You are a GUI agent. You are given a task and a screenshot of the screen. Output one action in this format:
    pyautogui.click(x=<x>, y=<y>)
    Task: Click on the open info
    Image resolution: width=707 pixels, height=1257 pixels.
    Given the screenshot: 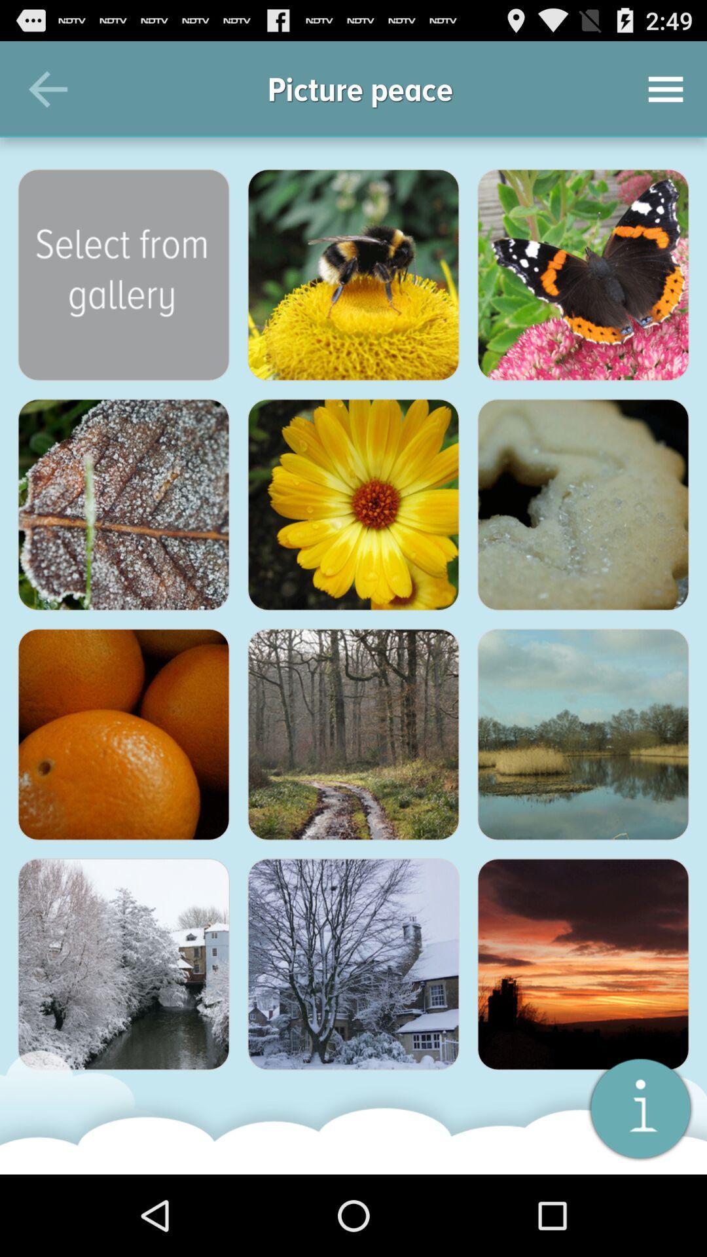 What is the action you would take?
    pyautogui.click(x=640, y=1107)
    